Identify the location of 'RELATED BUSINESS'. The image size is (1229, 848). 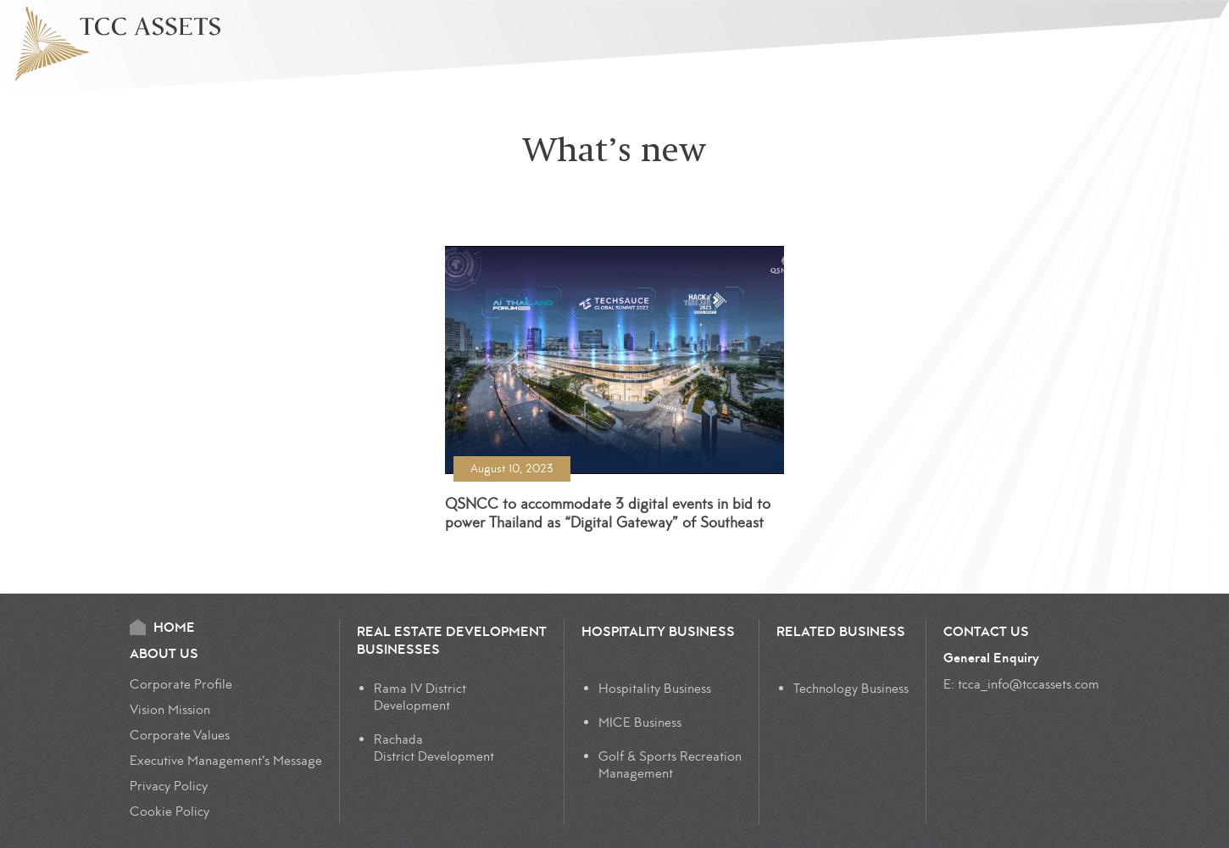
(840, 631).